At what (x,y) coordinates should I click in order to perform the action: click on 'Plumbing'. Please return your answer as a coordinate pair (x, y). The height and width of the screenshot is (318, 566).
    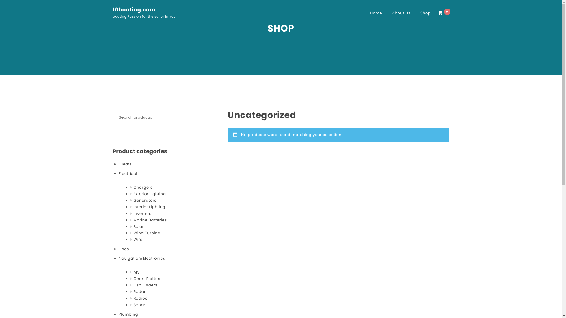
    Looking at the image, I should click on (128, 314).